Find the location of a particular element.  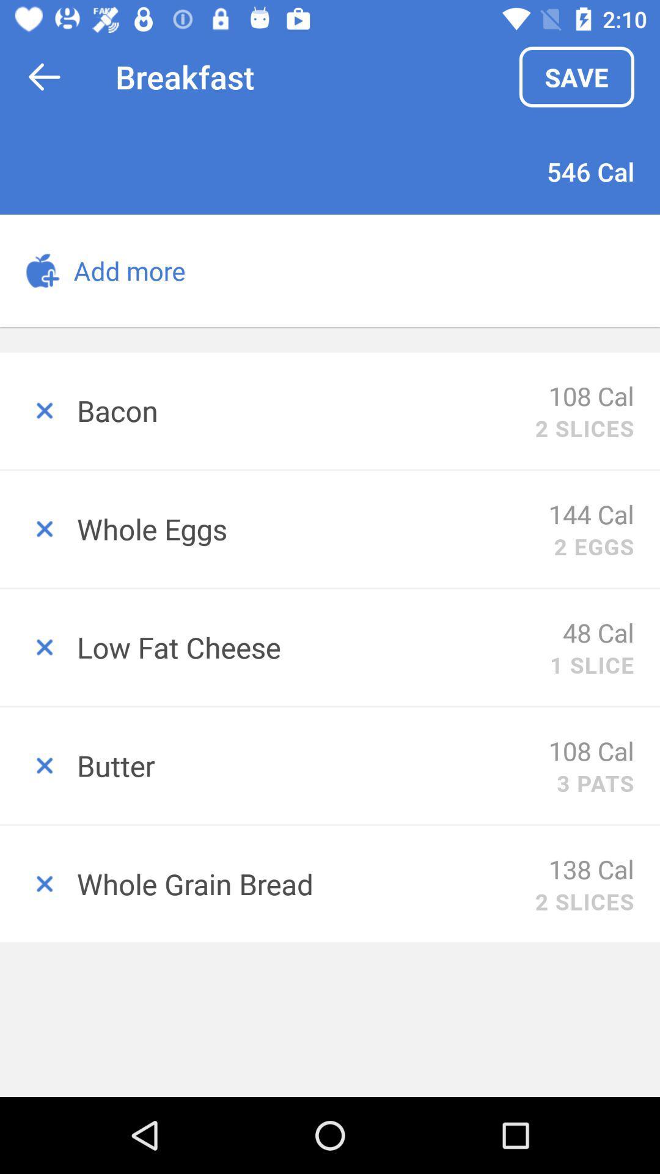

the icon below the butter item is located at coordinates (590, 868).